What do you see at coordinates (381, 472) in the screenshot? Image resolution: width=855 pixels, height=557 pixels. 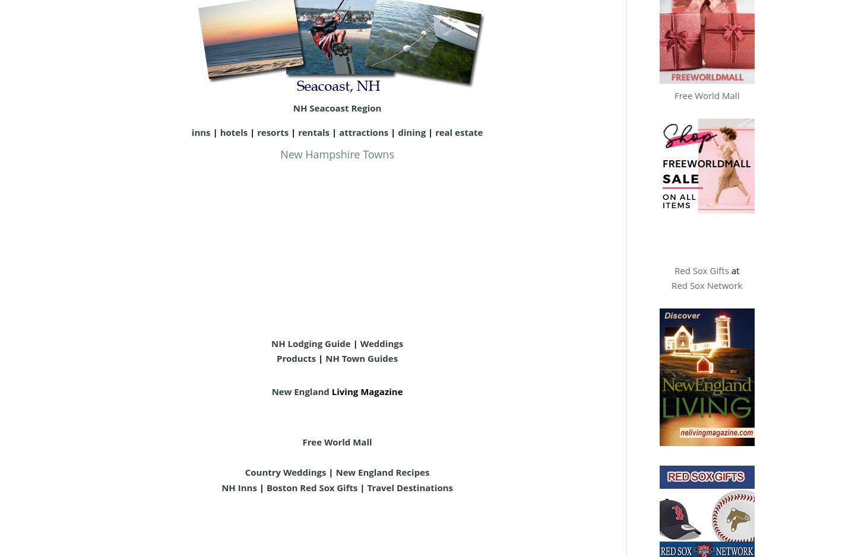 I see `'New England Recipes'` at bounding box center [381, 472].